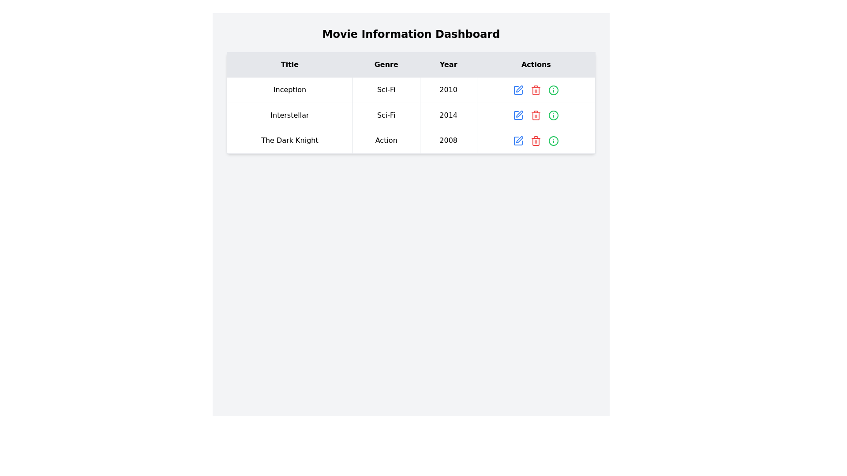 Image resolution: width=847 pixels, height=476 pixels. I want to click on the green circular SVG graphic element located, so click(553, 115).